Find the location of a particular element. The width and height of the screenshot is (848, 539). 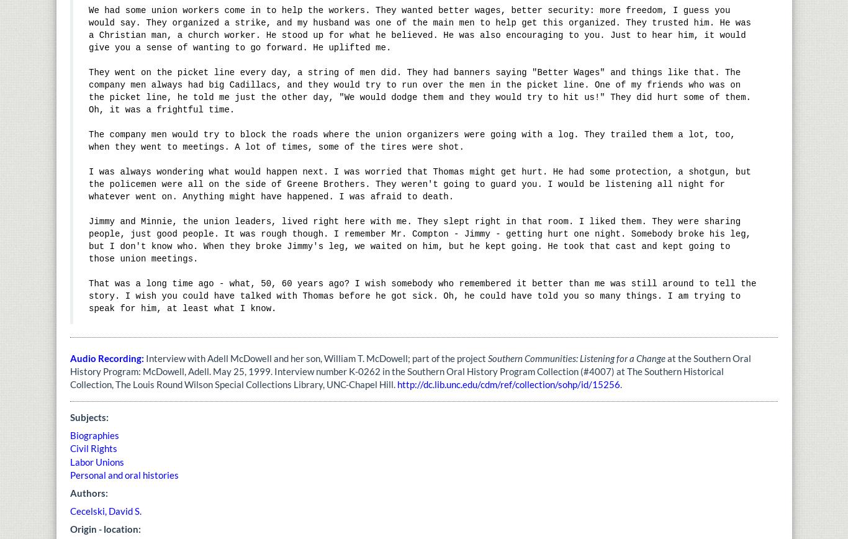

'at the Southern Oral History Program: McDowell, Adell. May 25, 1999. Interview number K-0262 in the Southern Oral History Program Collection (#4007) at The Southern Historical Collection, The Louis Round Wilson Special Collections Library, UNC-Chapel Hill.' is located at coordinates (70, 371).